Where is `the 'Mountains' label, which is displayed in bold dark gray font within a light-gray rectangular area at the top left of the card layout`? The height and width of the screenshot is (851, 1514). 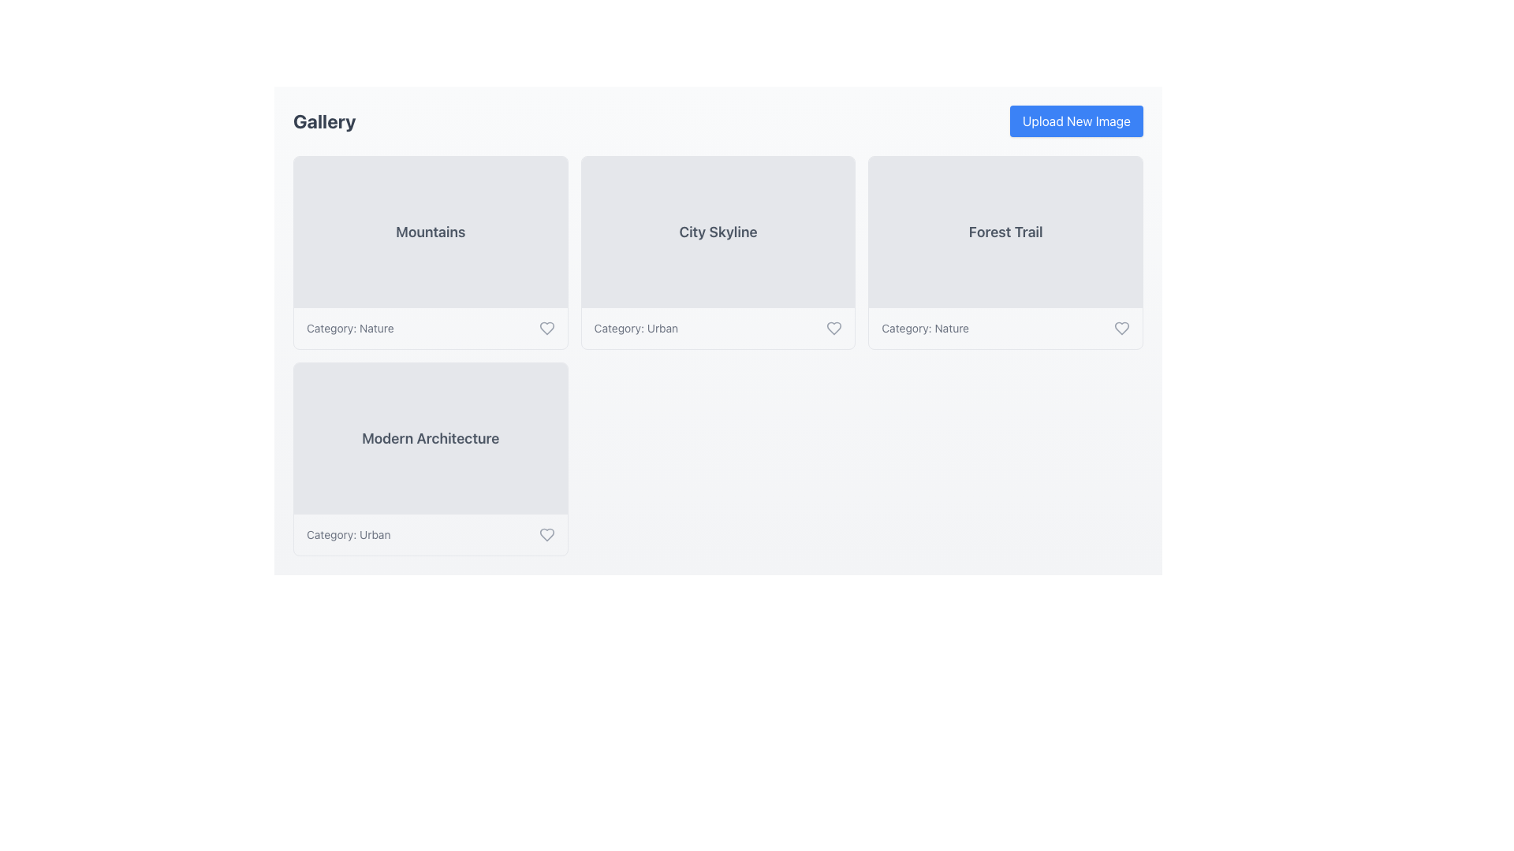
the 'Mountains' label, which is displayed in bold dark gray font within a light-gray rectangular area at the top left of the card layout is located at coordinates (431, 232).